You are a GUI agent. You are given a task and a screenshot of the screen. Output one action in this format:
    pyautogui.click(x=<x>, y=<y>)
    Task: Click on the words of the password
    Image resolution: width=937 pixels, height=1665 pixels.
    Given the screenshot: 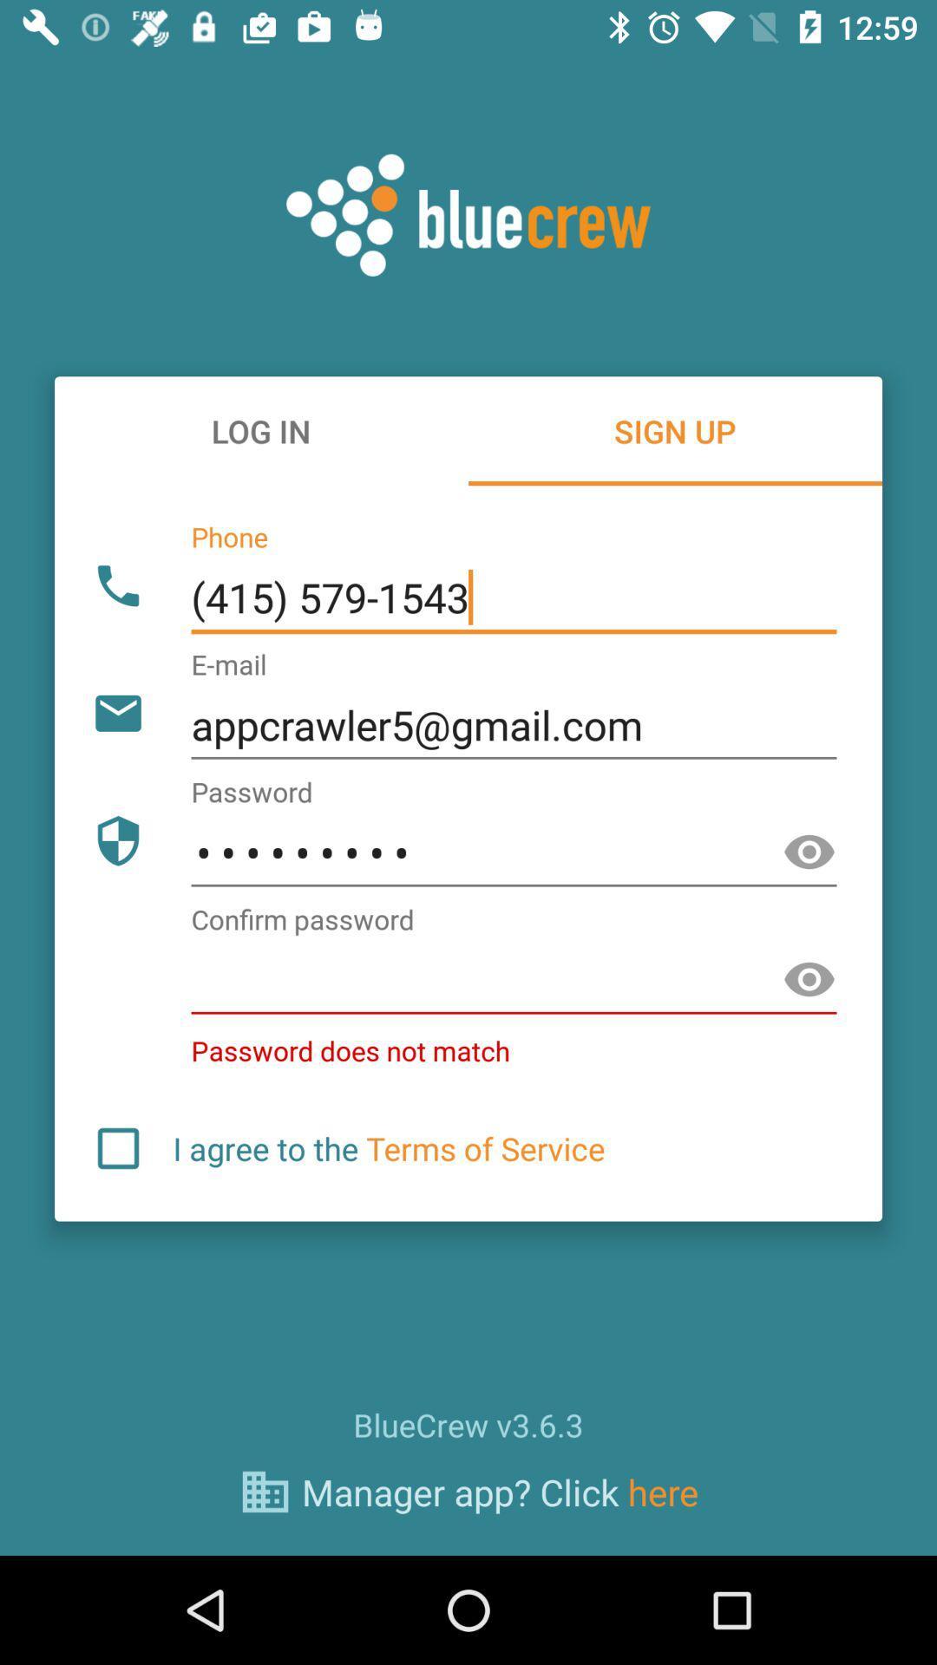 What is the action you would take?
    pyautogui.click(x=809, y=852)
    